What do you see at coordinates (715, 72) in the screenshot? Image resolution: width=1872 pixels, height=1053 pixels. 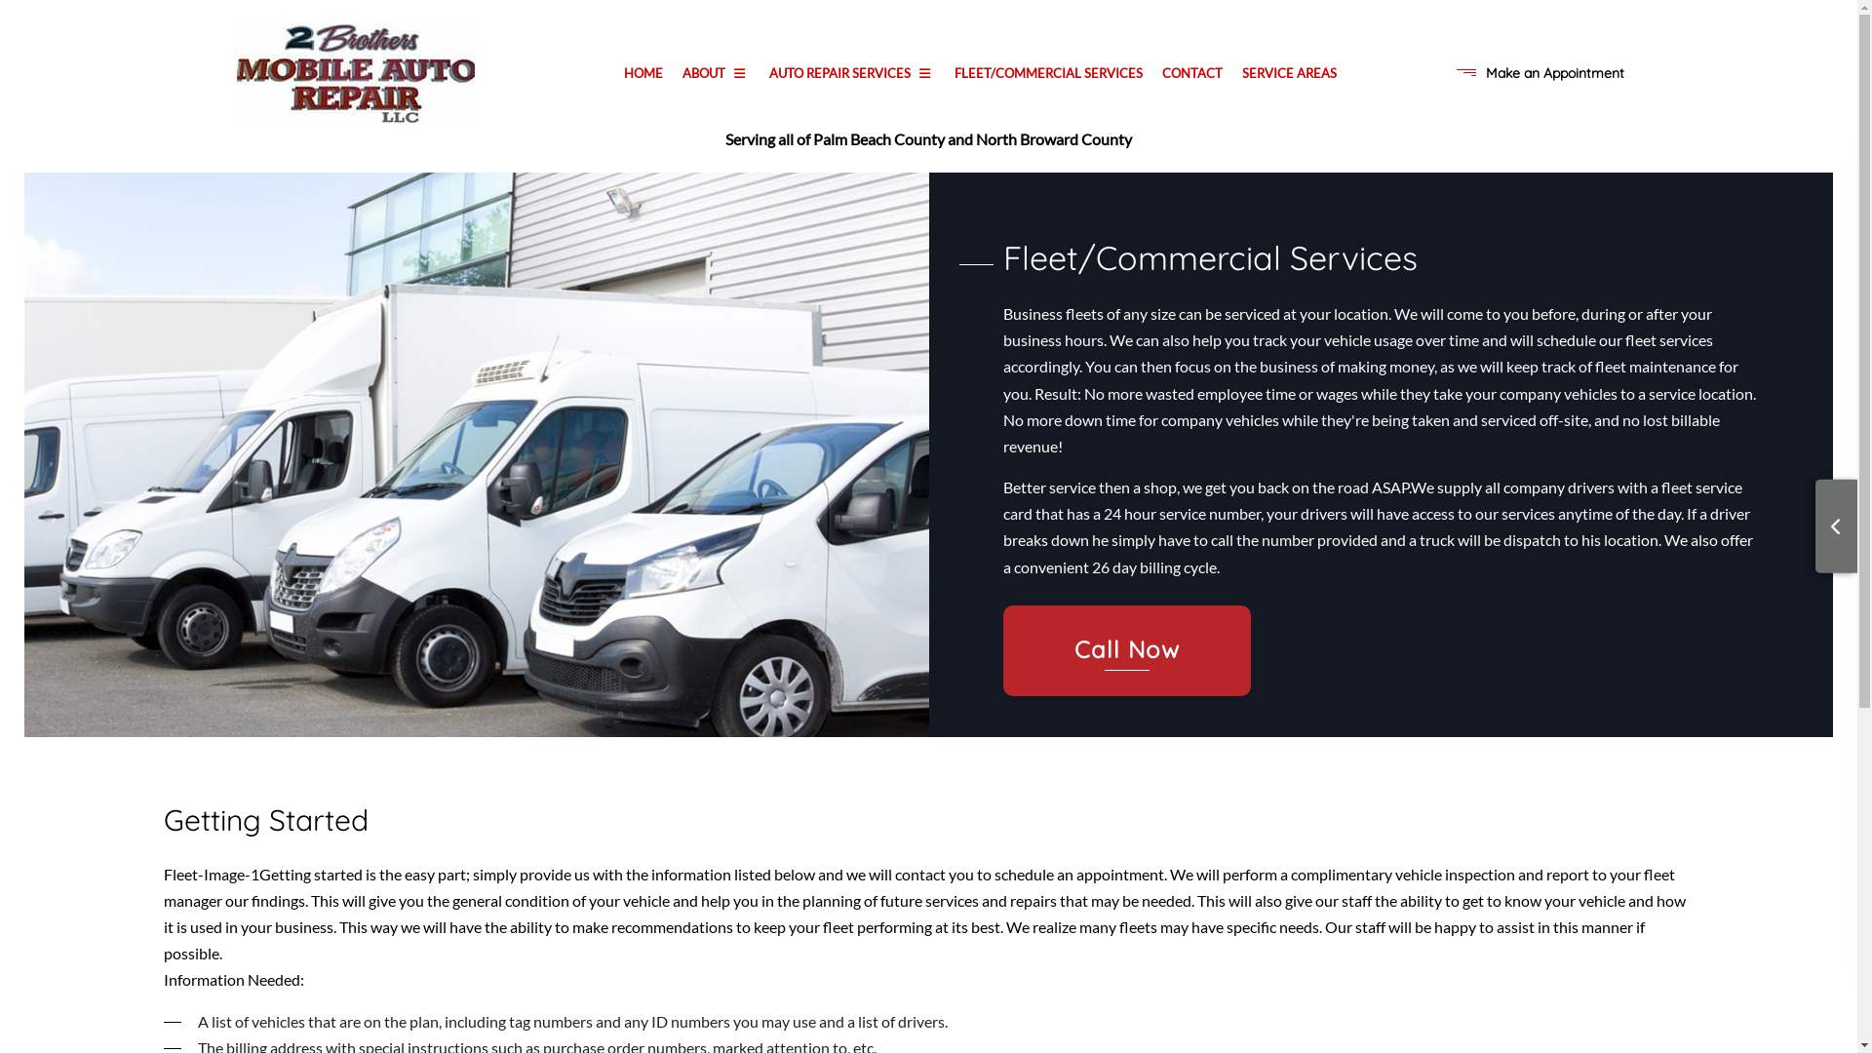 I see `'ABOUT'` at bounding box center [715, 72].